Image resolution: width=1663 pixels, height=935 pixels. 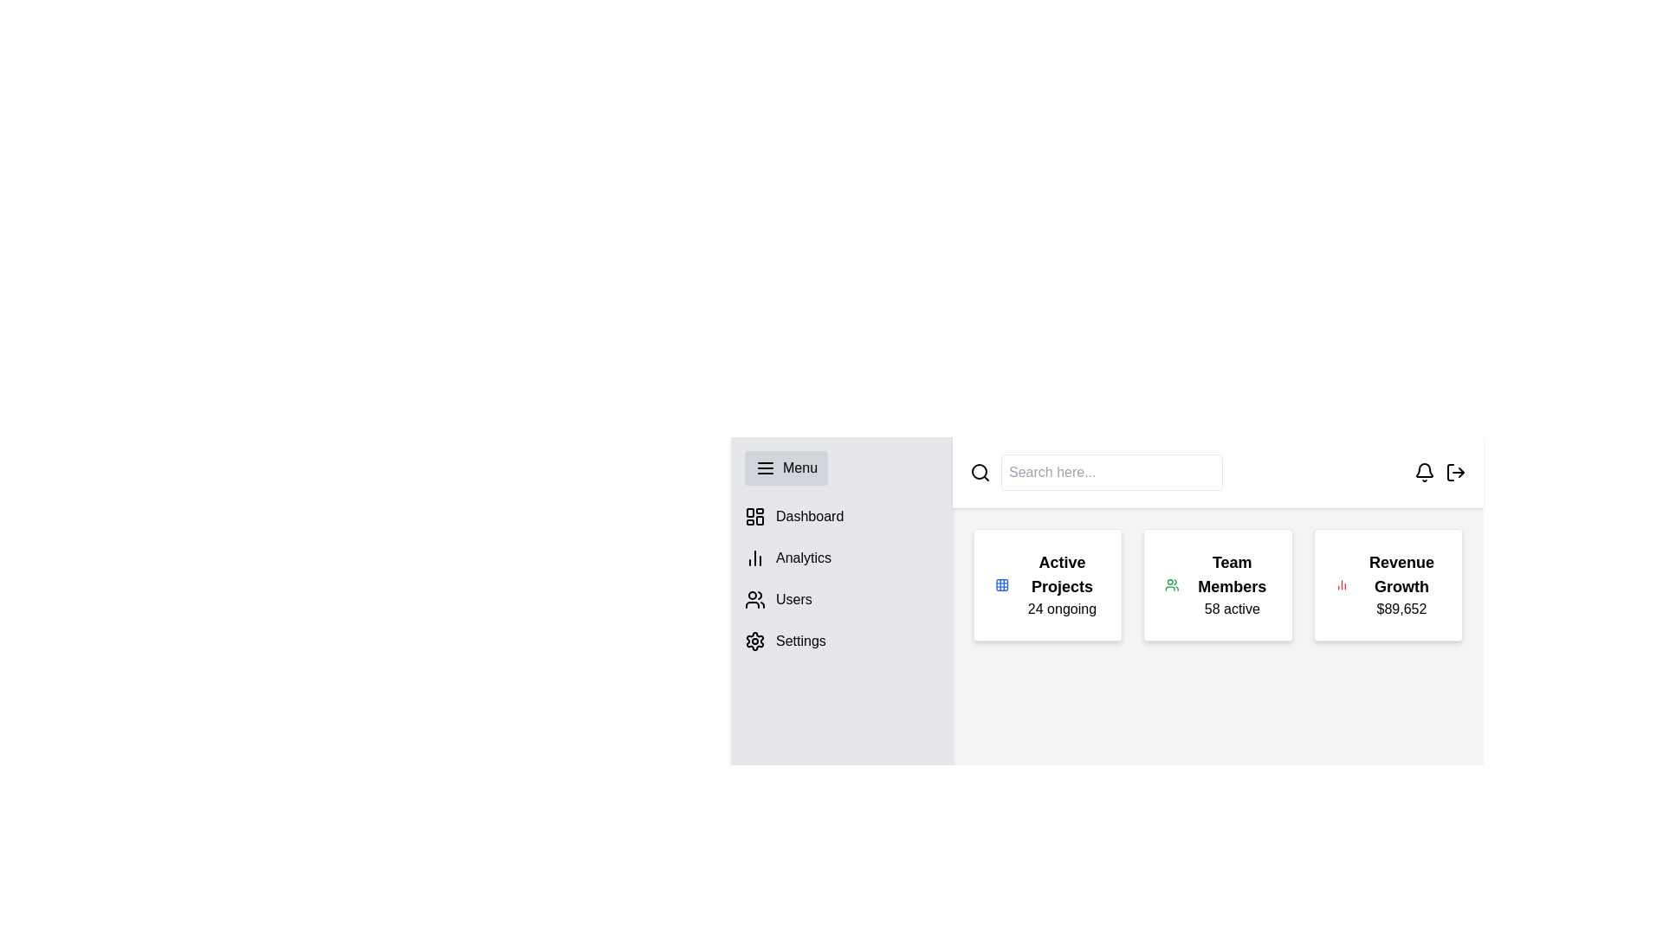 I want to click on the logout icon button located in the top-right corner of the interface, following the bell-shaped icon, so click(x=1455, y=473).